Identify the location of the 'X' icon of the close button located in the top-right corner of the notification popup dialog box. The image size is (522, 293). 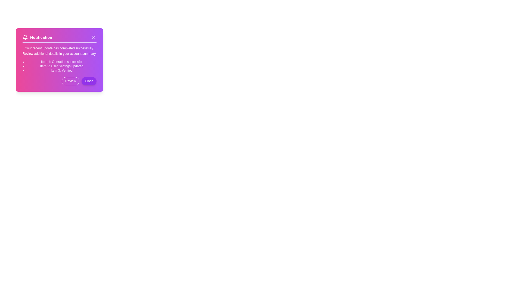
(94, 37).